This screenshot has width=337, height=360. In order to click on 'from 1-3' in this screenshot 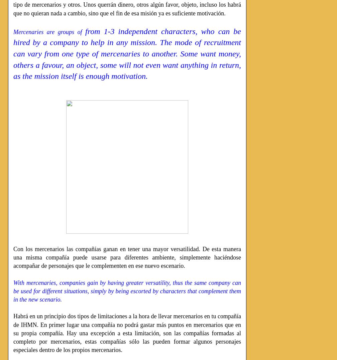, I will do `click(102, 31)`.